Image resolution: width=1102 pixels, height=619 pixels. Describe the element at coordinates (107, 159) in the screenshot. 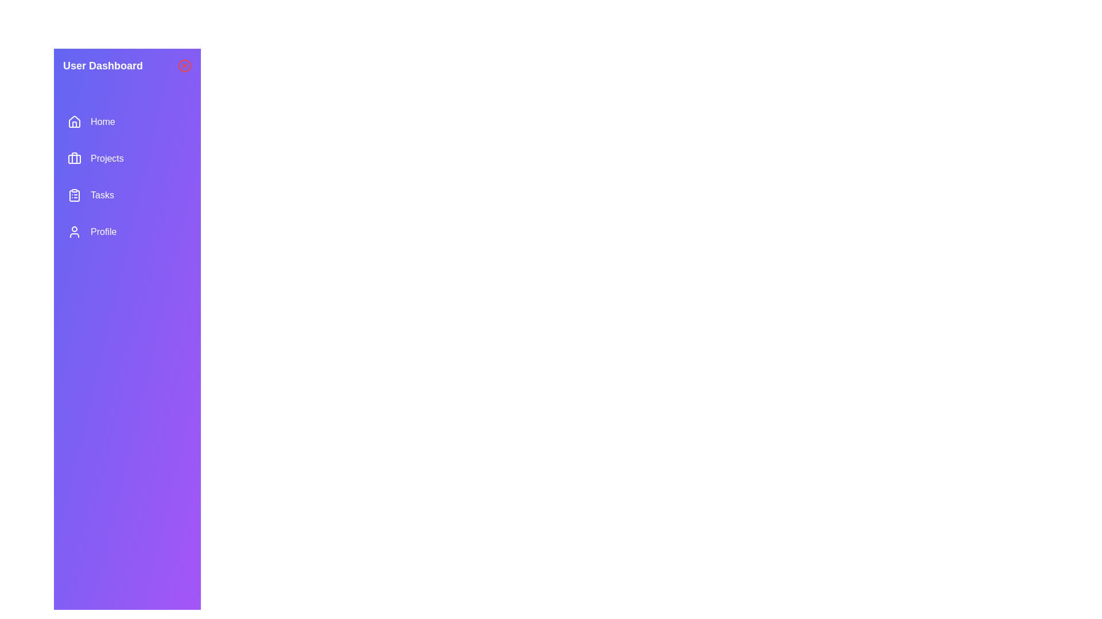

I see `the 'Projects' text label in the vertical navigation menu` at that location.